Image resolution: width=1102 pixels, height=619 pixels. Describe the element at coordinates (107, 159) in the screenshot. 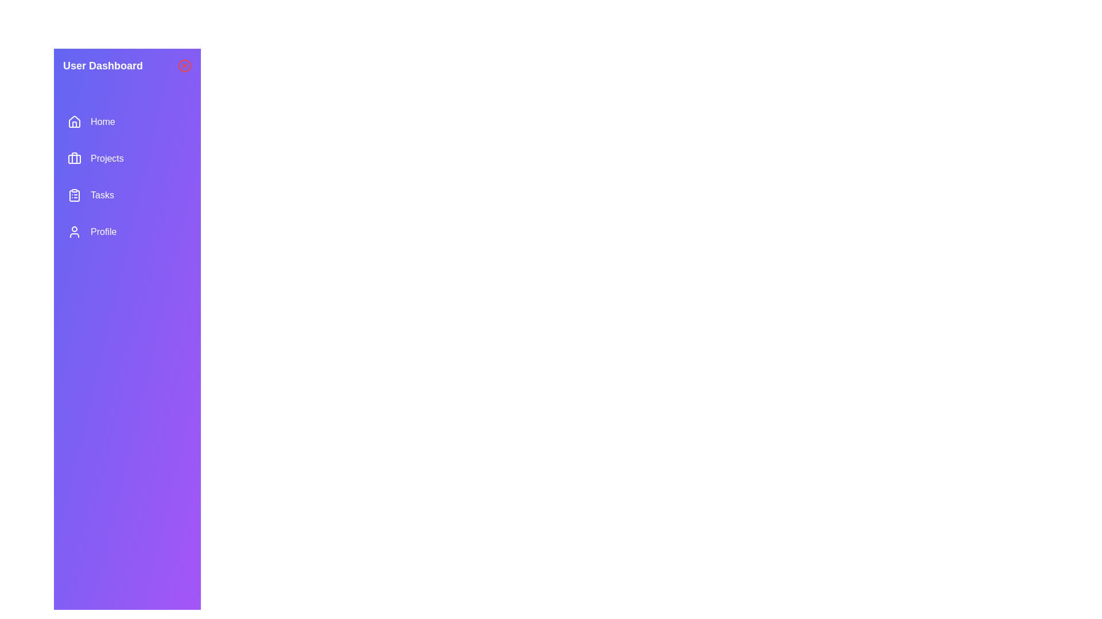

I see `the 'Projects' text label in the vertical navigation menu` at that location.